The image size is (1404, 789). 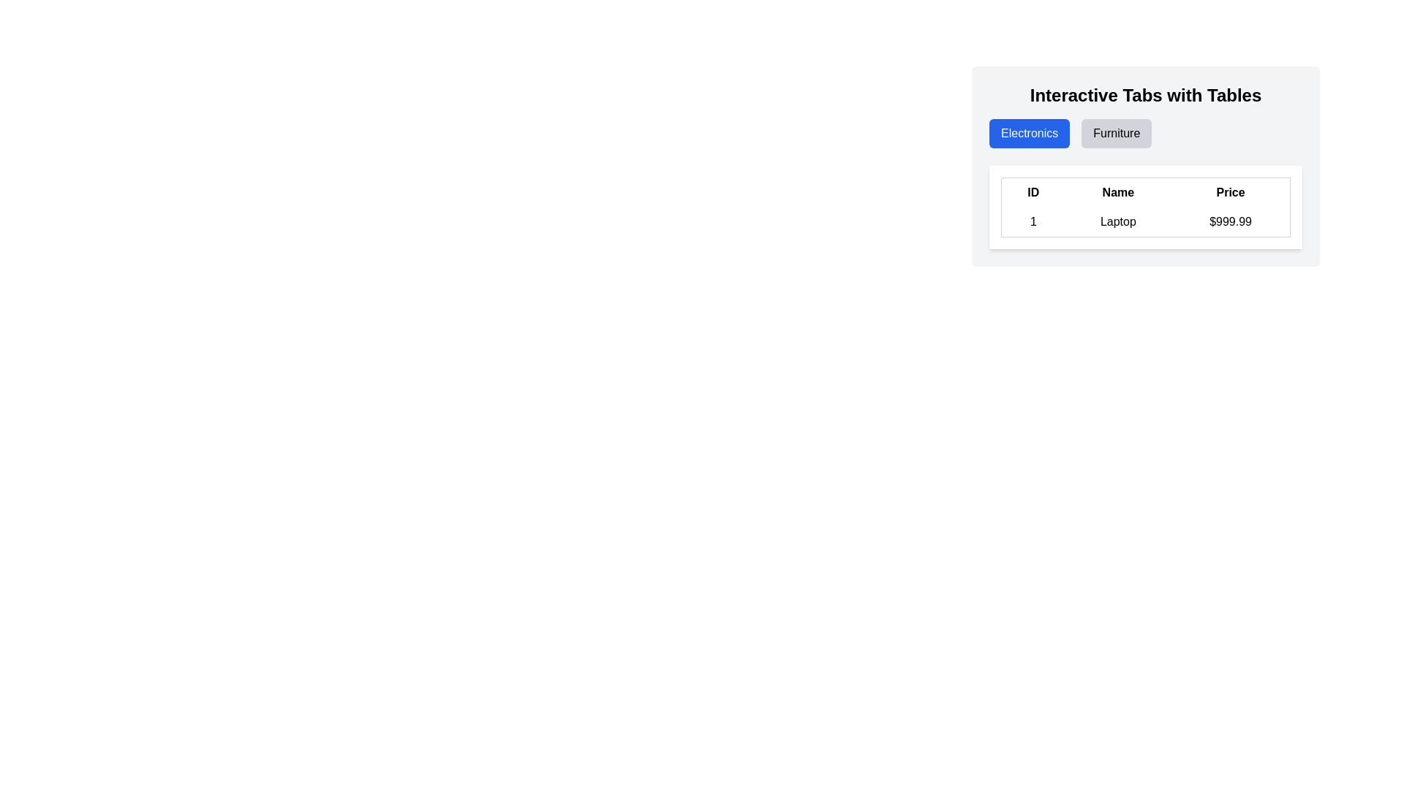 I want to click on the text label displaying 'ID', which is the first column header in a table layout, aligned at the top-left of the table, so click(x=1033, y=191).